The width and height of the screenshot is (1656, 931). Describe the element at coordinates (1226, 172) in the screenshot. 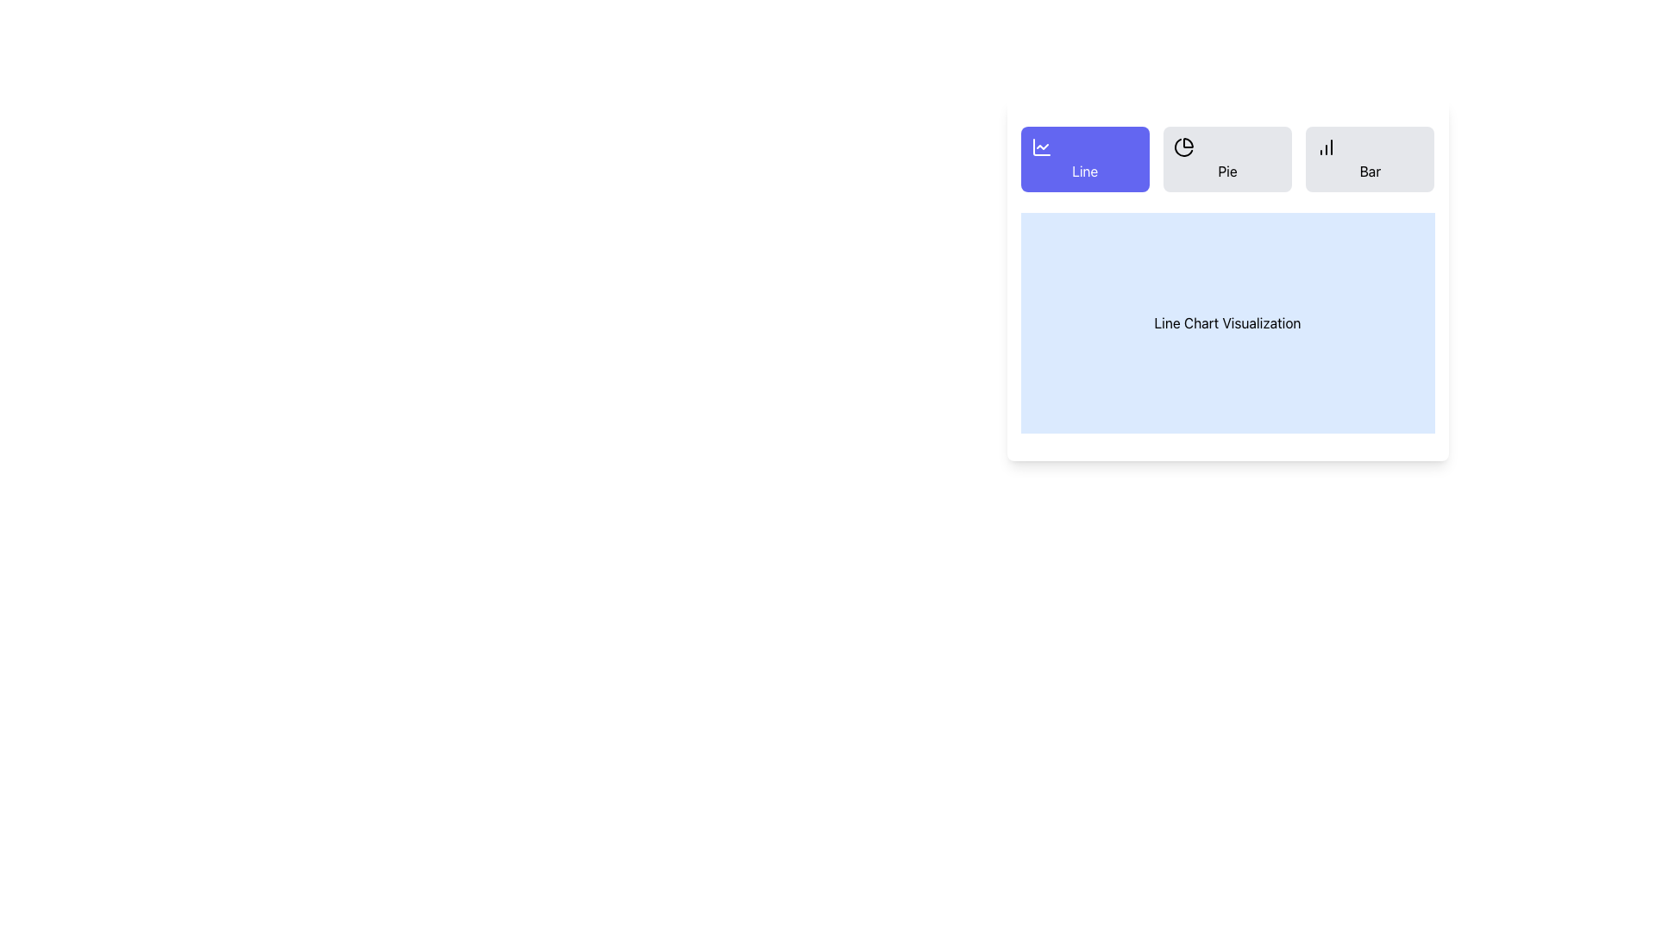

I see `the text label for the button that switches the chart visualization to a pie chart, which is the second button in a group of three buttons` at that location.